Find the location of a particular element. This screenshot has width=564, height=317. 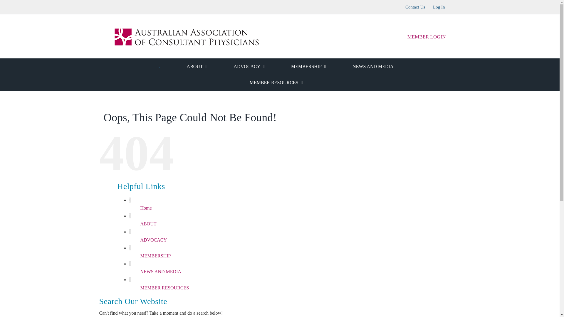

'Contact Us' is located at coordinates (415, 7).